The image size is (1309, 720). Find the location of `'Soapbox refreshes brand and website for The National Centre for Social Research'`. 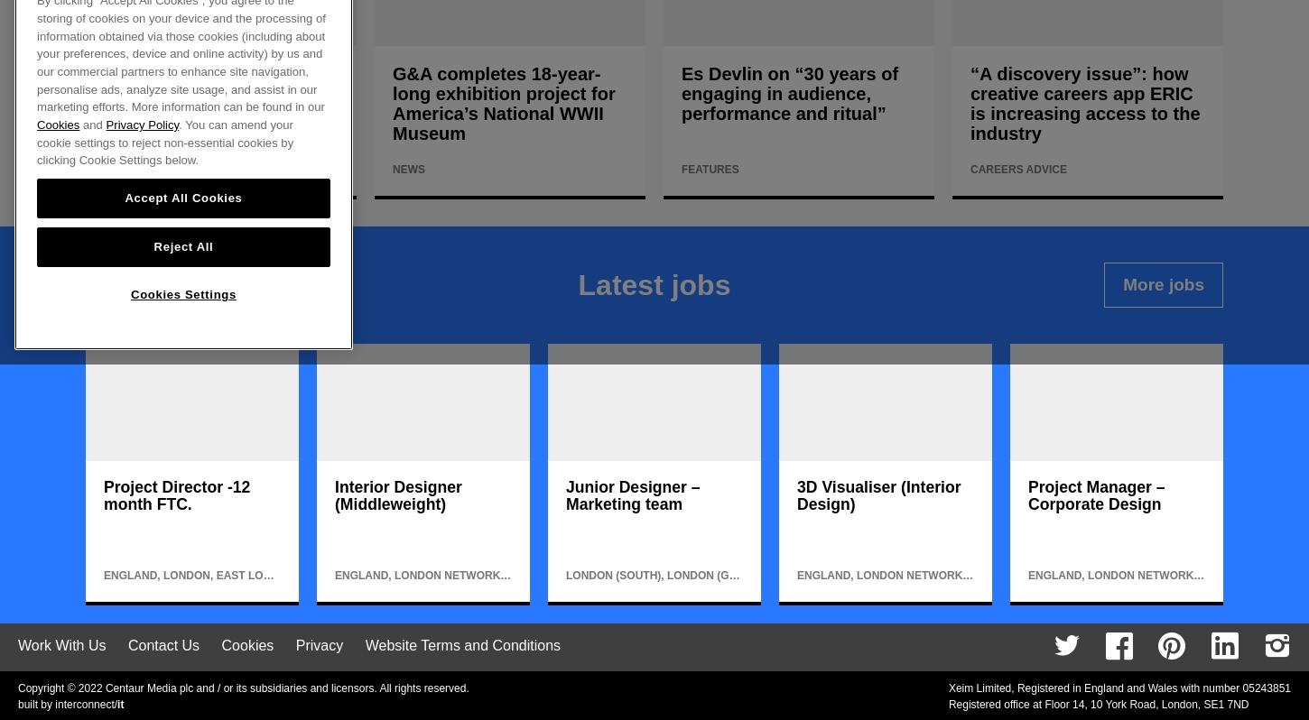

'Soapbox refreshes brand and website for The National Centre for Social Research' is located at coordinates (212, 103).